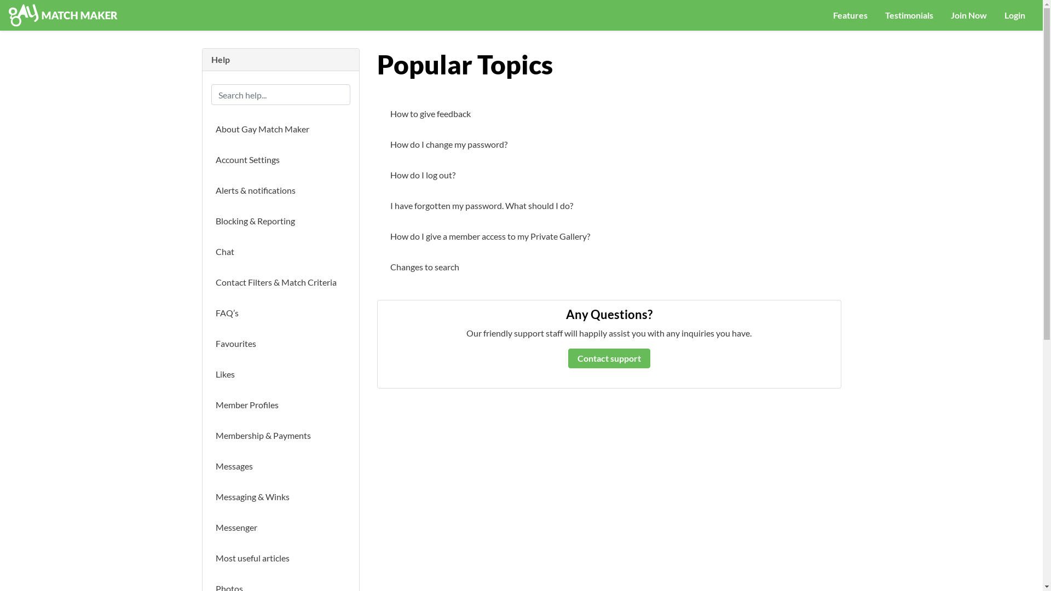  What do you see at coordinates (385, 143) in the screenshot?
I see `'How do I change my password?'` at bounding box center [385, 143].